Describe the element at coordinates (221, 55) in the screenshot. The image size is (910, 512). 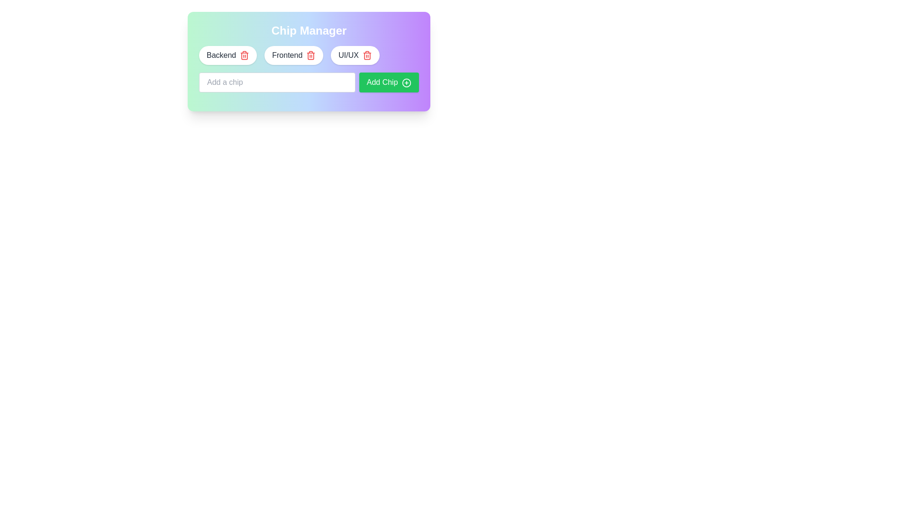
I see `the area of the chip labeled 'Backend'` at that location.